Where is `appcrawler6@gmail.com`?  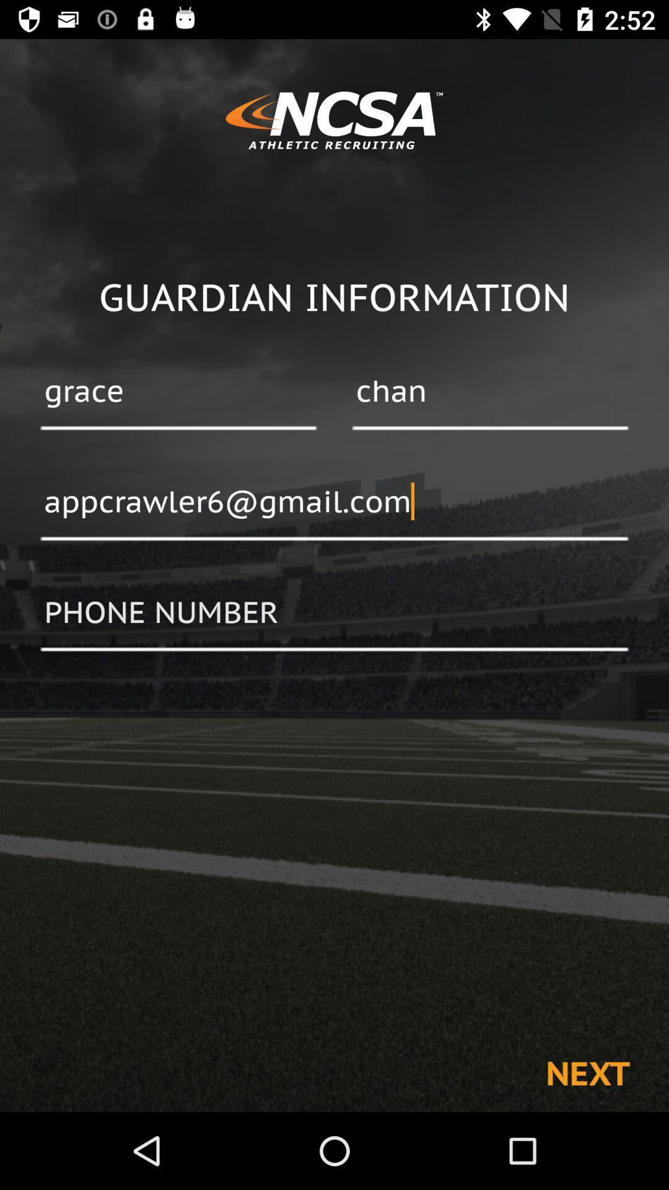 appcrawler6@gmail.com is located at coordinates (334, 503).